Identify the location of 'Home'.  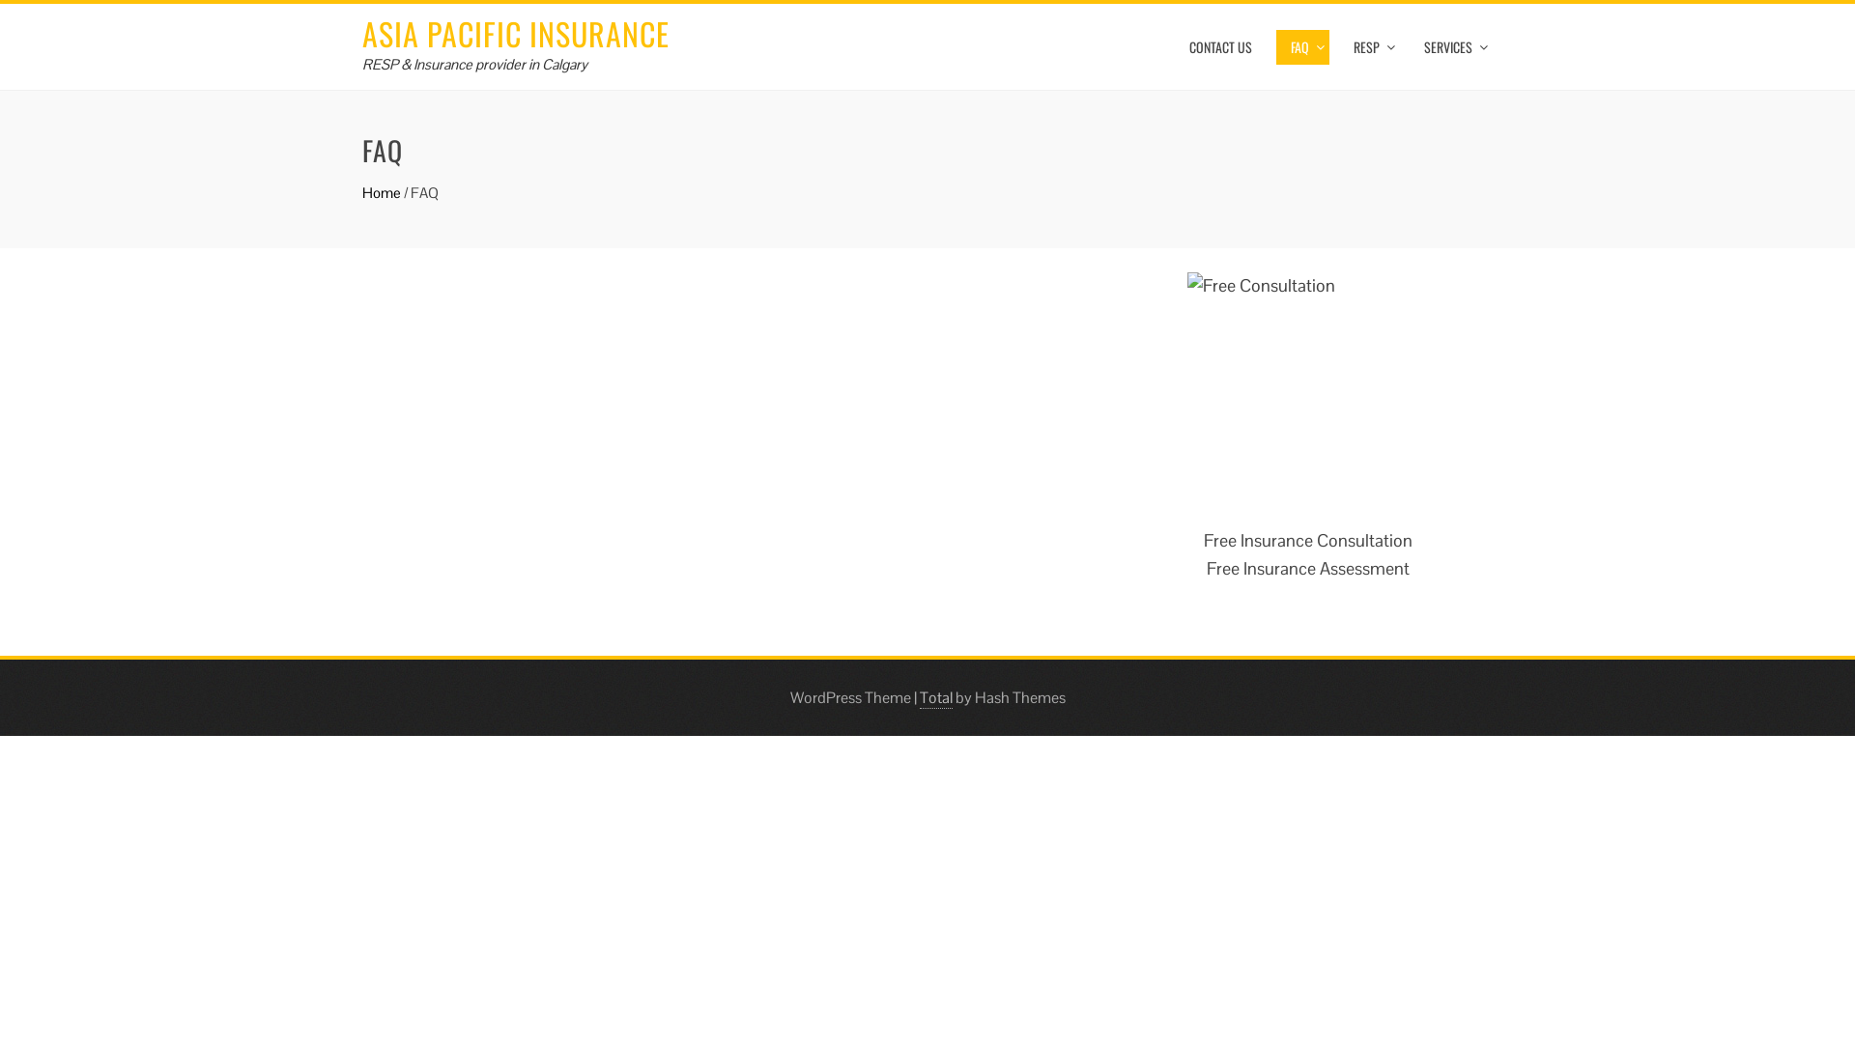
(381, 192).